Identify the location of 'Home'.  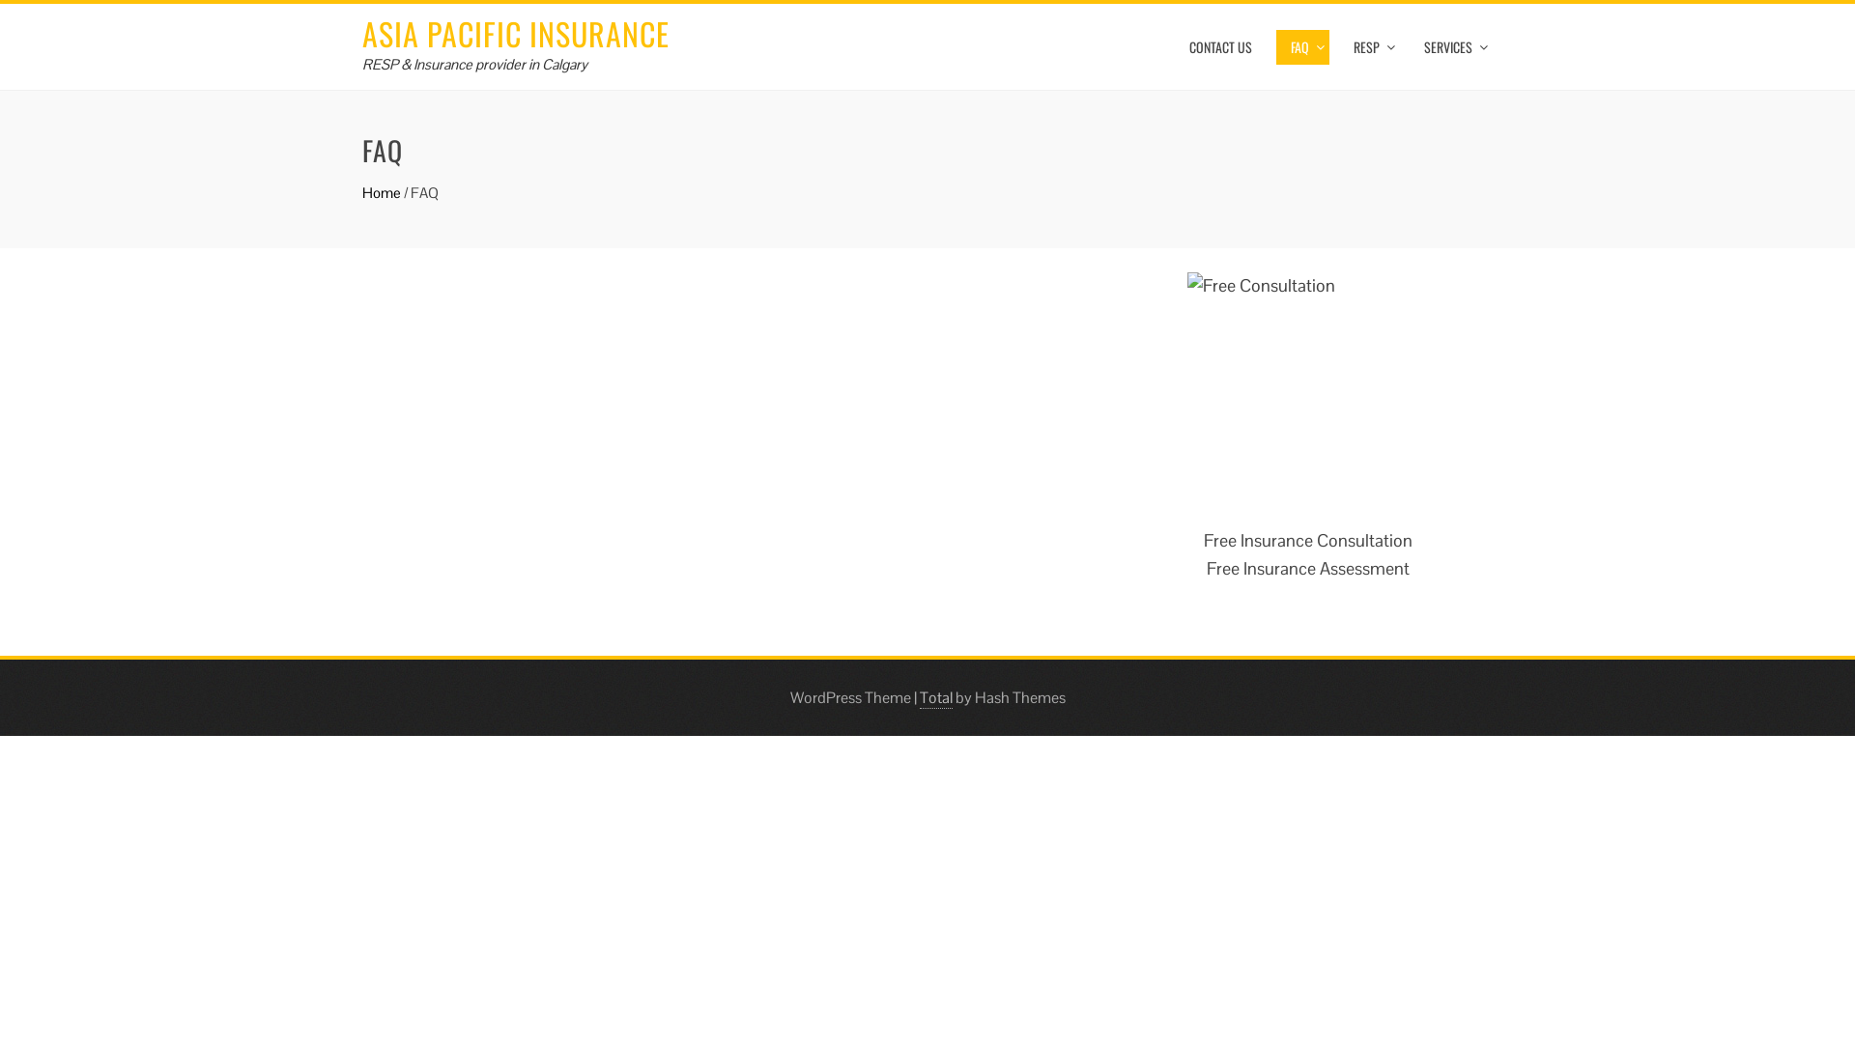
(381, 192).